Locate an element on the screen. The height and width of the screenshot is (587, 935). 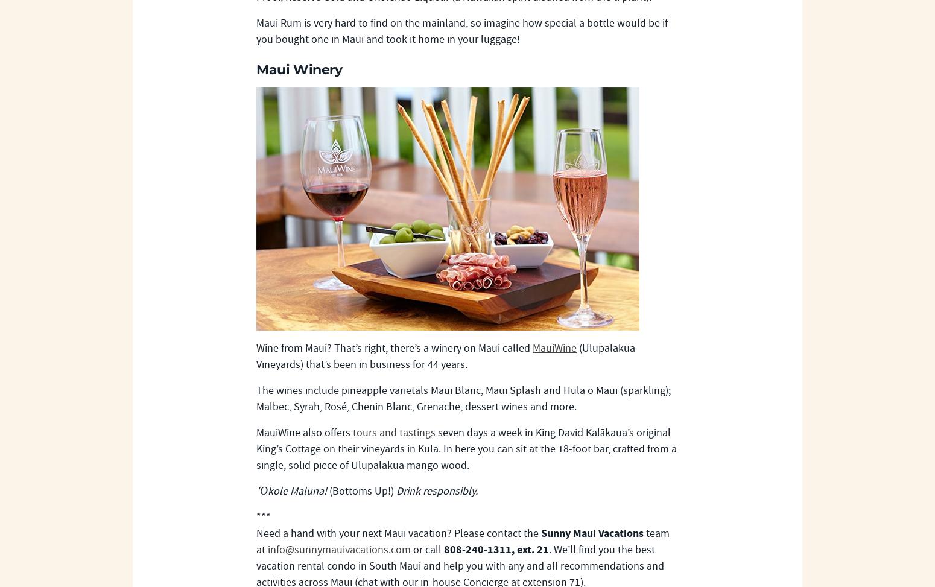
'seven days a week in King David Kalākaua’s original King’s Cottage on their vineyards in Kula. In here you can sit at the 18-foot bar, crafted from a single, solid piece of Ulupalakua mango wood.' is located at coordinates (466, 449).